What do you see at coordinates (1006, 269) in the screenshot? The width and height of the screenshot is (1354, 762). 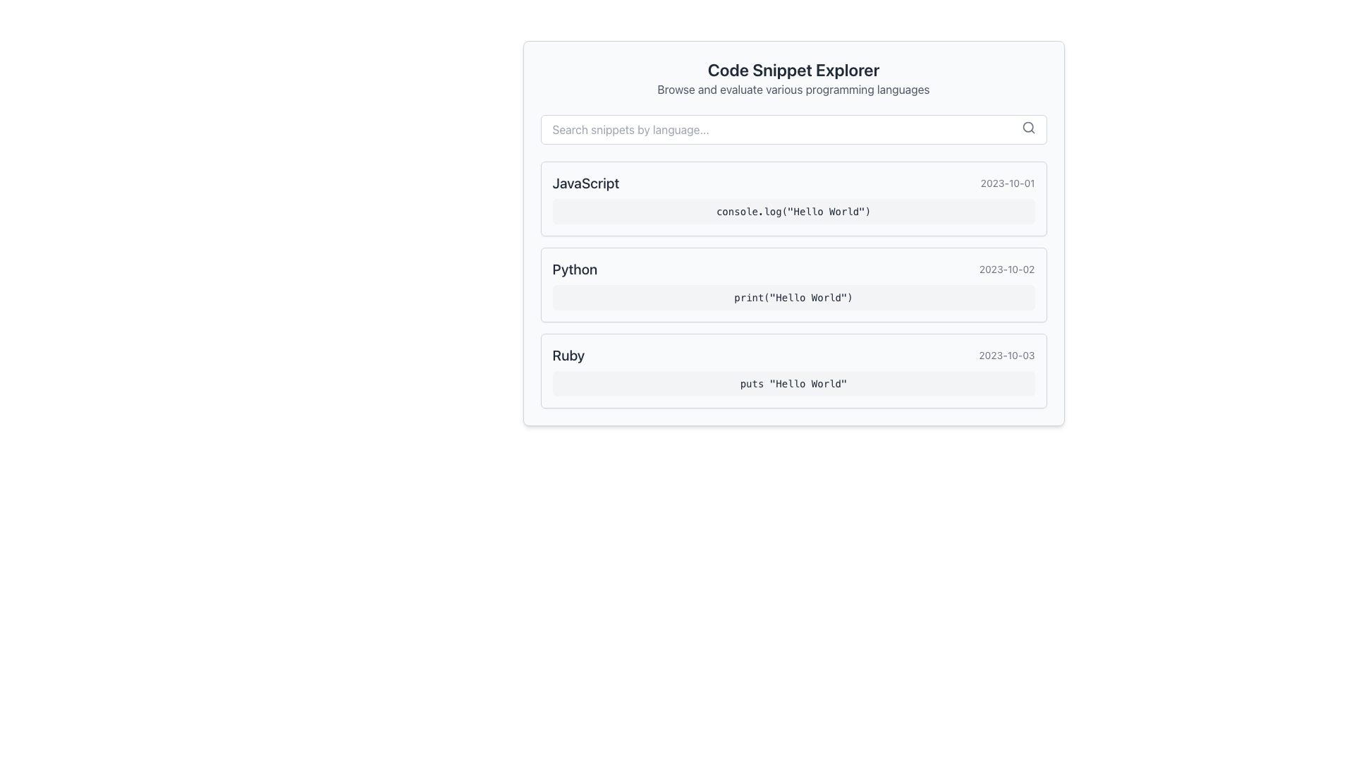 I see `the text label displaying the date '2023-10-02', which is styled with a small font size and gray color, located at the top-right corner of the row labeled 'Python'` at bounding box center [1006, 269].